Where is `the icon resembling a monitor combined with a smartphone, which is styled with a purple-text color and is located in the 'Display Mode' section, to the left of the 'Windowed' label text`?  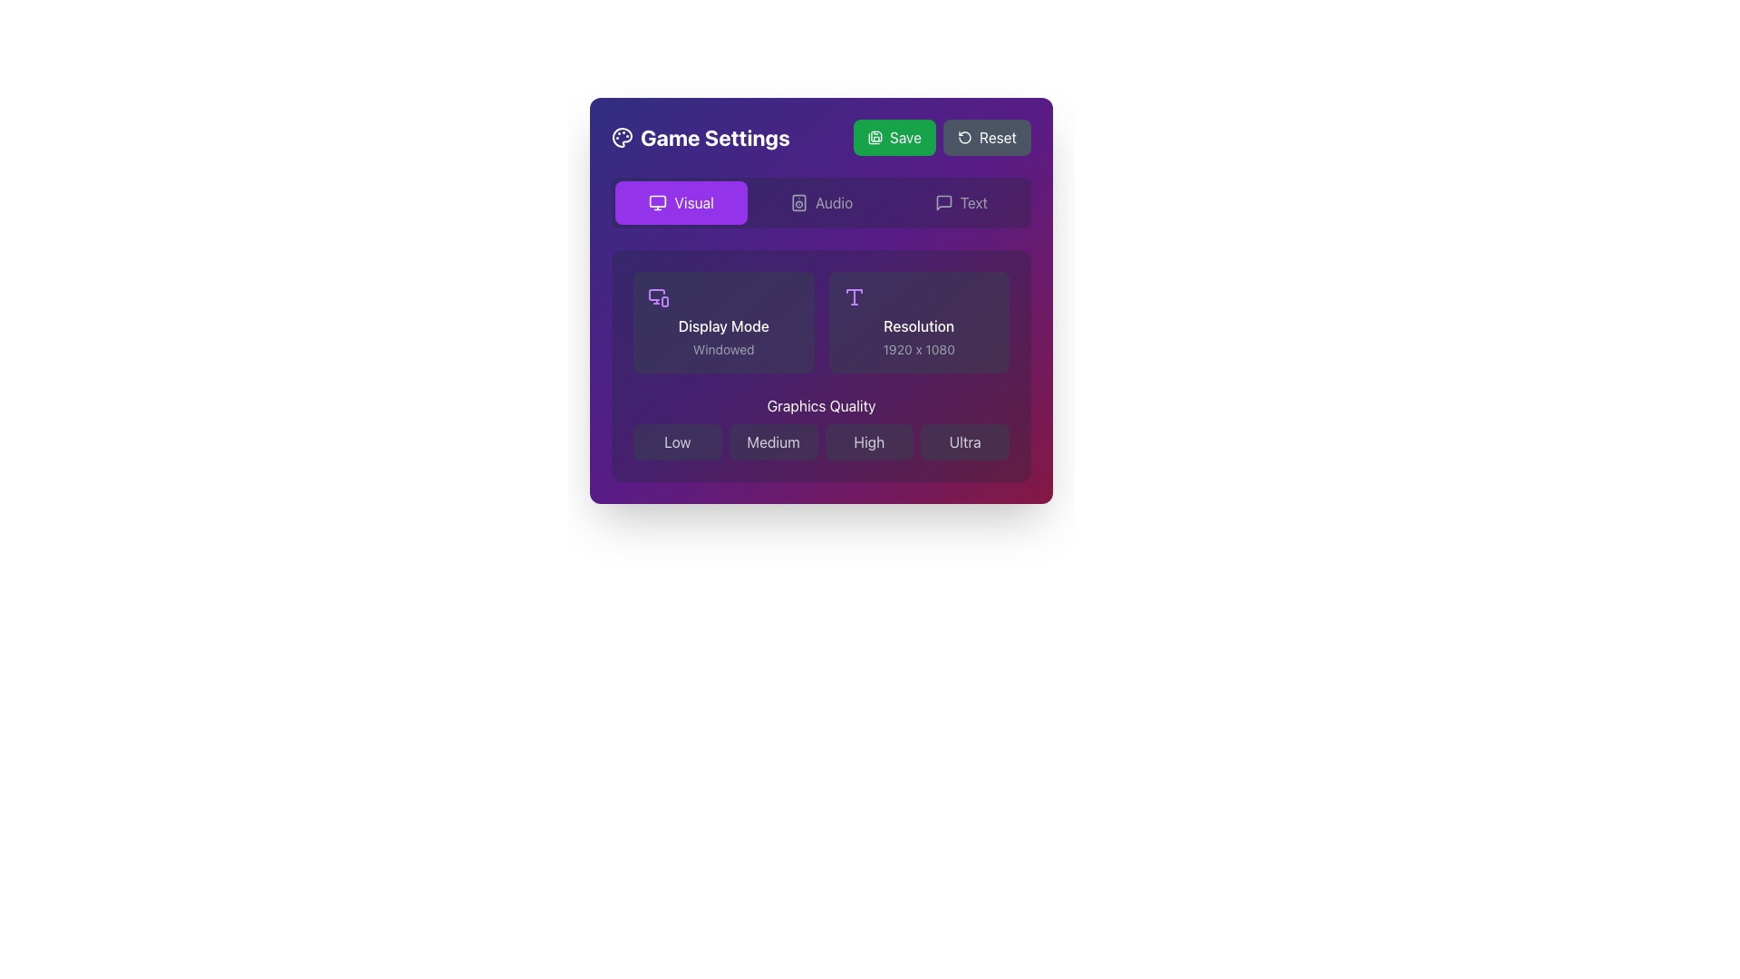 the icon resembling a monitor combined with a smartphone, which is styled with a purple-text color and is located in the 'Display Mode' section, to the left of the 'Windowed' label text is located at coordinates (657, 296).